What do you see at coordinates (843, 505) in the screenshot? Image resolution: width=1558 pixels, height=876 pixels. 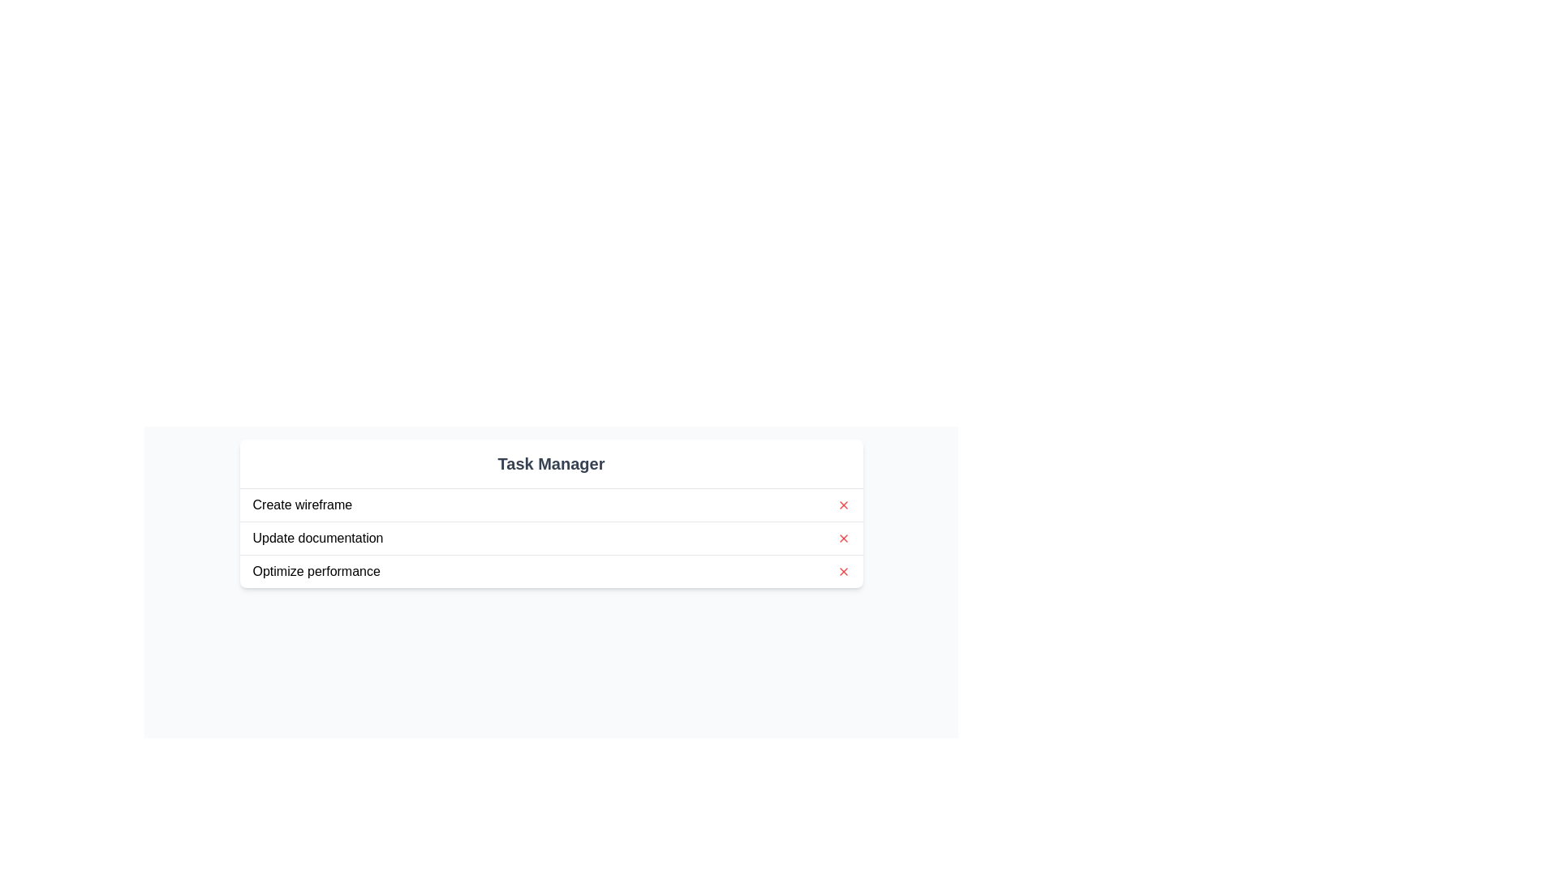 I see `the close button associated with the task titled 'Create wireframe' to observe its hover effect` at bounding box center [843, 505].